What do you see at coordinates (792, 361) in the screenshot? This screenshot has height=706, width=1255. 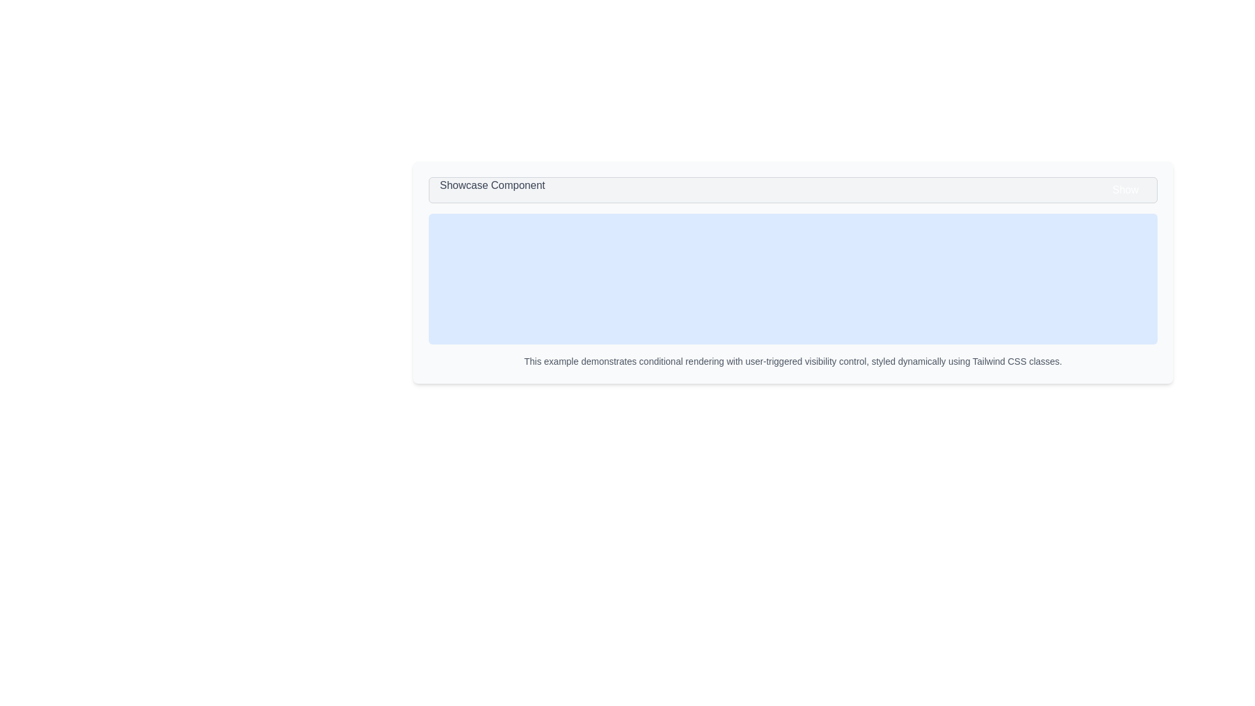 I see `the text content of the plain text element that reads 'This example demonstrates conditional rendering with user-triggered visibility control, styled dynamically using Tailwind CSS classes.'` at bounding box center [792, 361].